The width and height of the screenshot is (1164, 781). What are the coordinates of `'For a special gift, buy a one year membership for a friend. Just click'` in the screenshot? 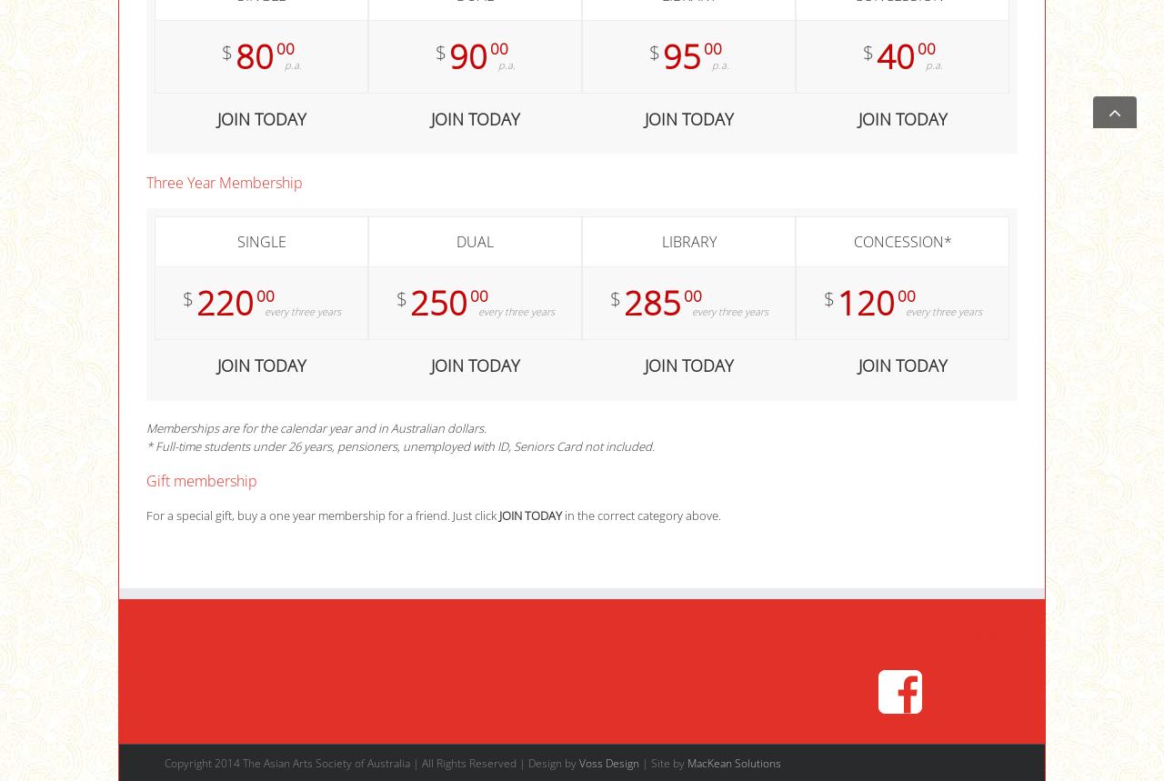 It's located at (322, 515).